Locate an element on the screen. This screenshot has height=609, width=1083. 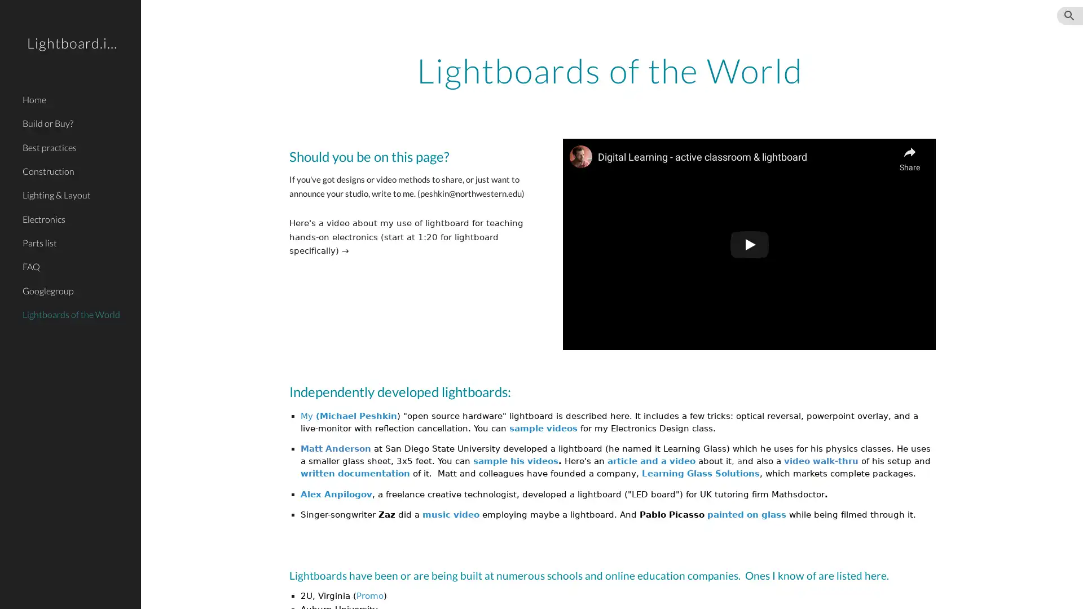
Copy heading link is located at coordinates (525, 391).